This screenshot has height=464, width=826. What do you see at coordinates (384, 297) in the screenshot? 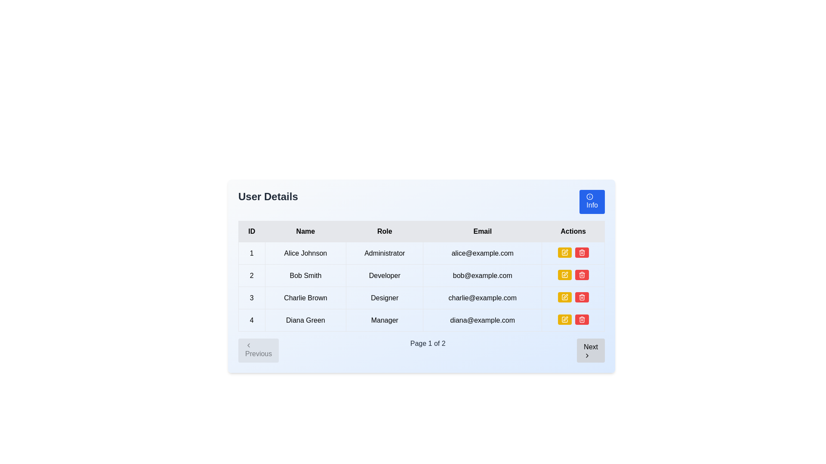
I see `the static text label reading 'Designer' displayed in black text on a light blue background, located in the 'Role' column of the table for 'Charlie Brown'` at bounding box center [384, 297].